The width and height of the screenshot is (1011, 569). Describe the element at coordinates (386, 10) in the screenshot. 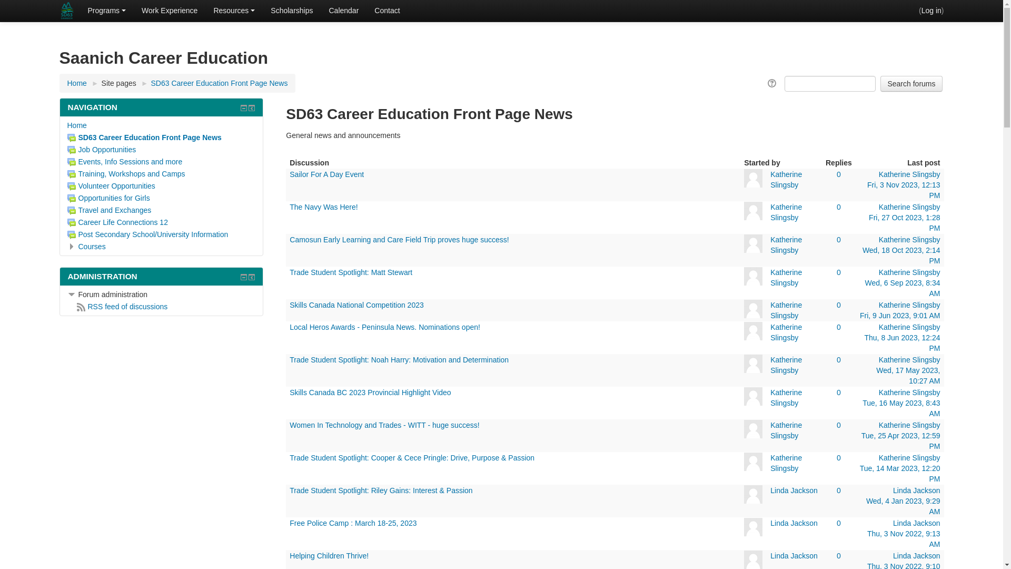

I see `'Contact'` at that location.